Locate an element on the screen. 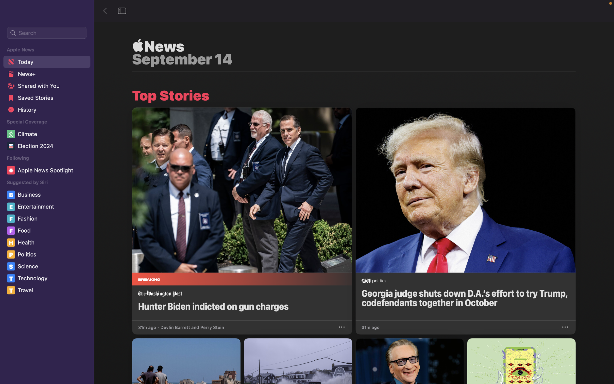 The image size is (614, 384). the section titled "Election 2024" is located at coordinates (47, 147).